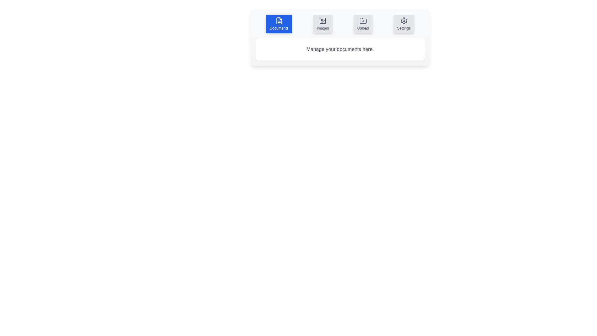  Describe the element at coordinates (279, 24) in the screenshot. I see `the tab button corresponding to Documents to switch to that tab` at that location.